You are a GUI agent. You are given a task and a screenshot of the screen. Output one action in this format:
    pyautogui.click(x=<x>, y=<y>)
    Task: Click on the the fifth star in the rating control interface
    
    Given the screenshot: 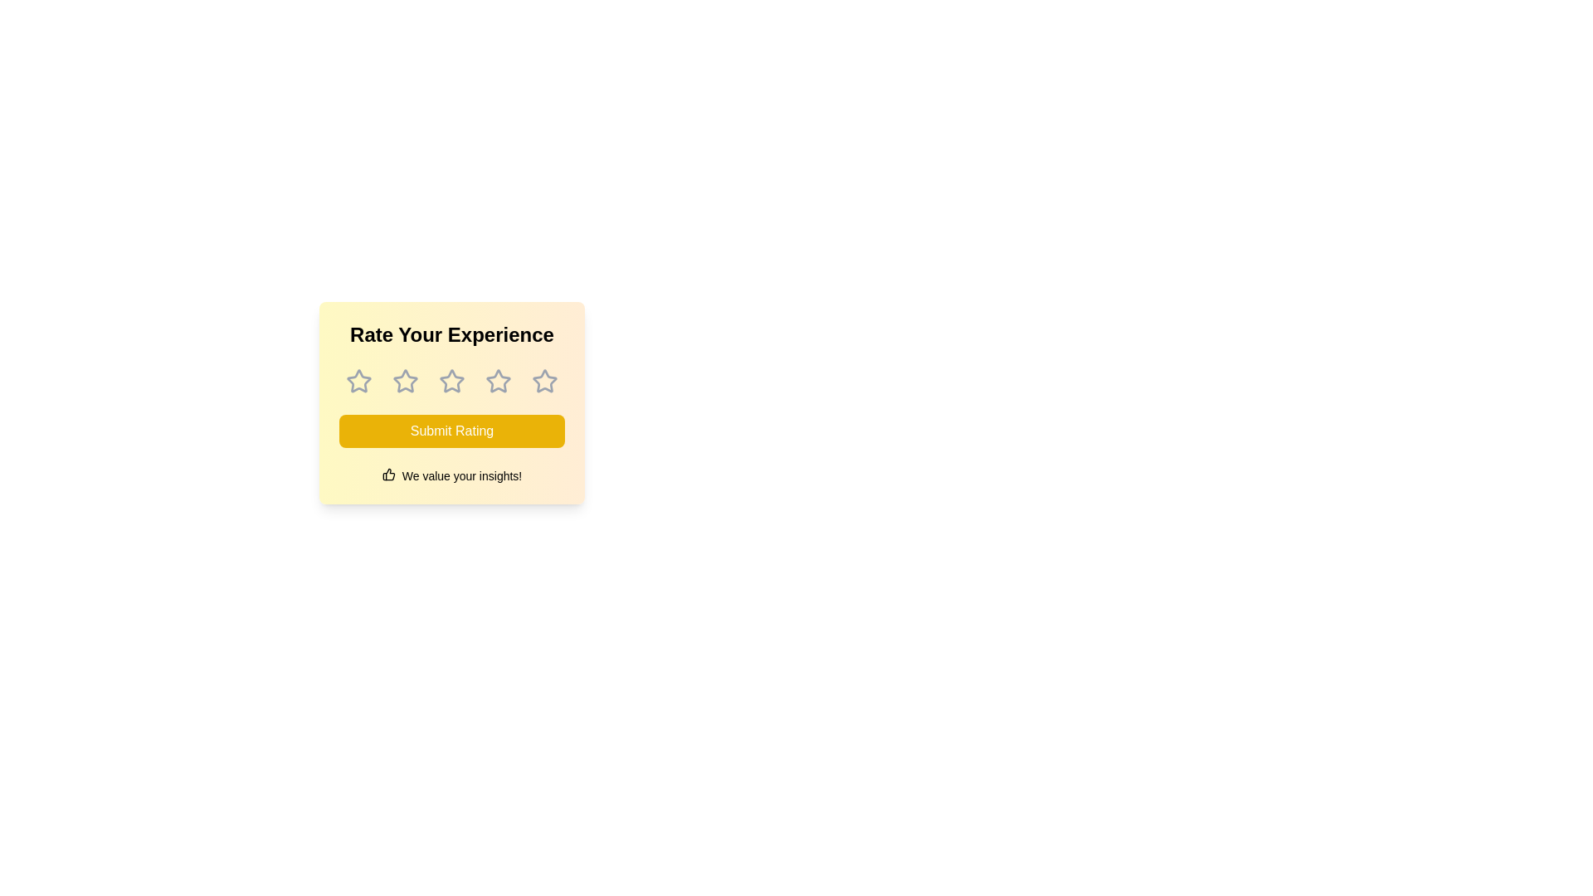 What is the action you would take?
    pyautogui.click(x=545, y=381)
    